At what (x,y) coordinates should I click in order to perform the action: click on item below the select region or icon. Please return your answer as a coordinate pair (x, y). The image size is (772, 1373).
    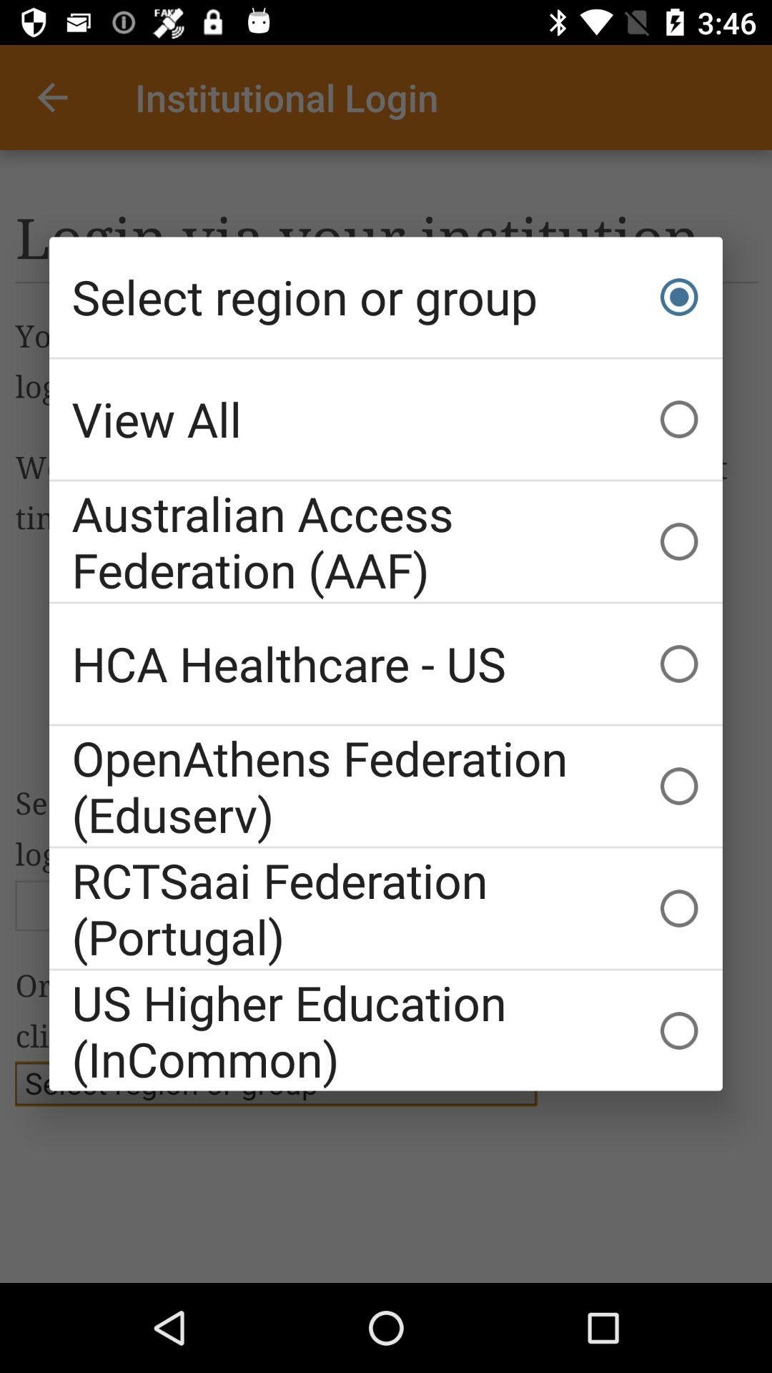
    Looking at the image, I should click on (386, 418).